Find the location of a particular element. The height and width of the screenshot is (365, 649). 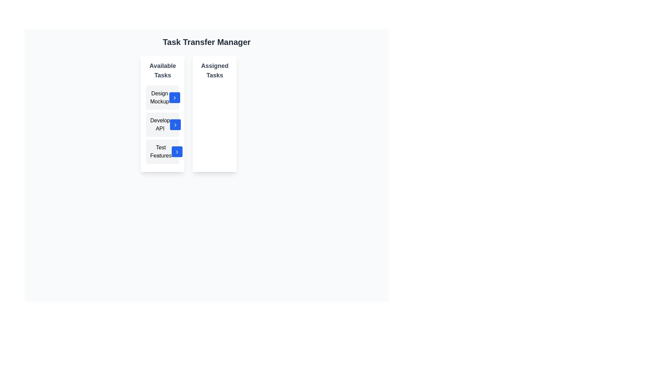

the right-pointing chevron icon with a blue background located in the second item of the list under the 'Available Tasks' column is located at coordinates (175, 125).